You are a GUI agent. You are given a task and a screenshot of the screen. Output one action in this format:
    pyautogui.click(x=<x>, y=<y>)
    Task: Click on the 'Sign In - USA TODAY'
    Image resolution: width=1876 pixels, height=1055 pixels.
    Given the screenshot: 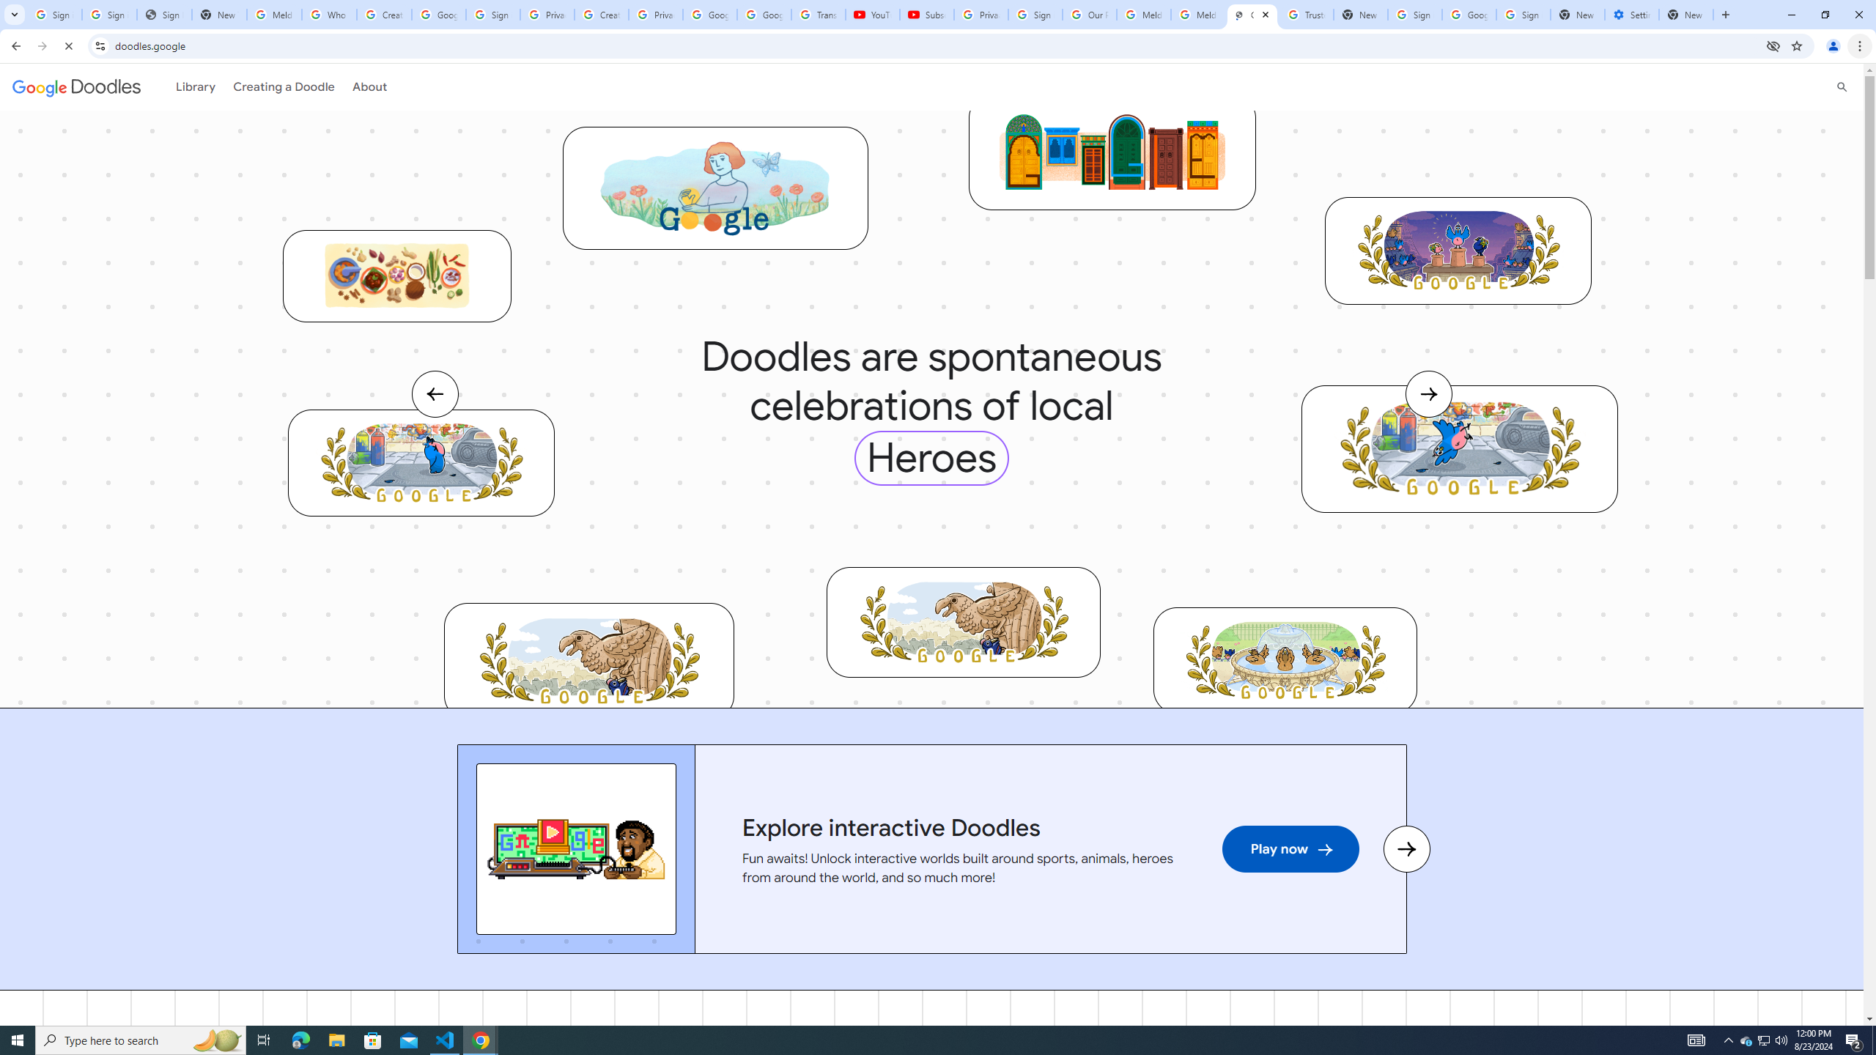 What is the action you would take?
    pyautogui.click(x=164, y=14)
    